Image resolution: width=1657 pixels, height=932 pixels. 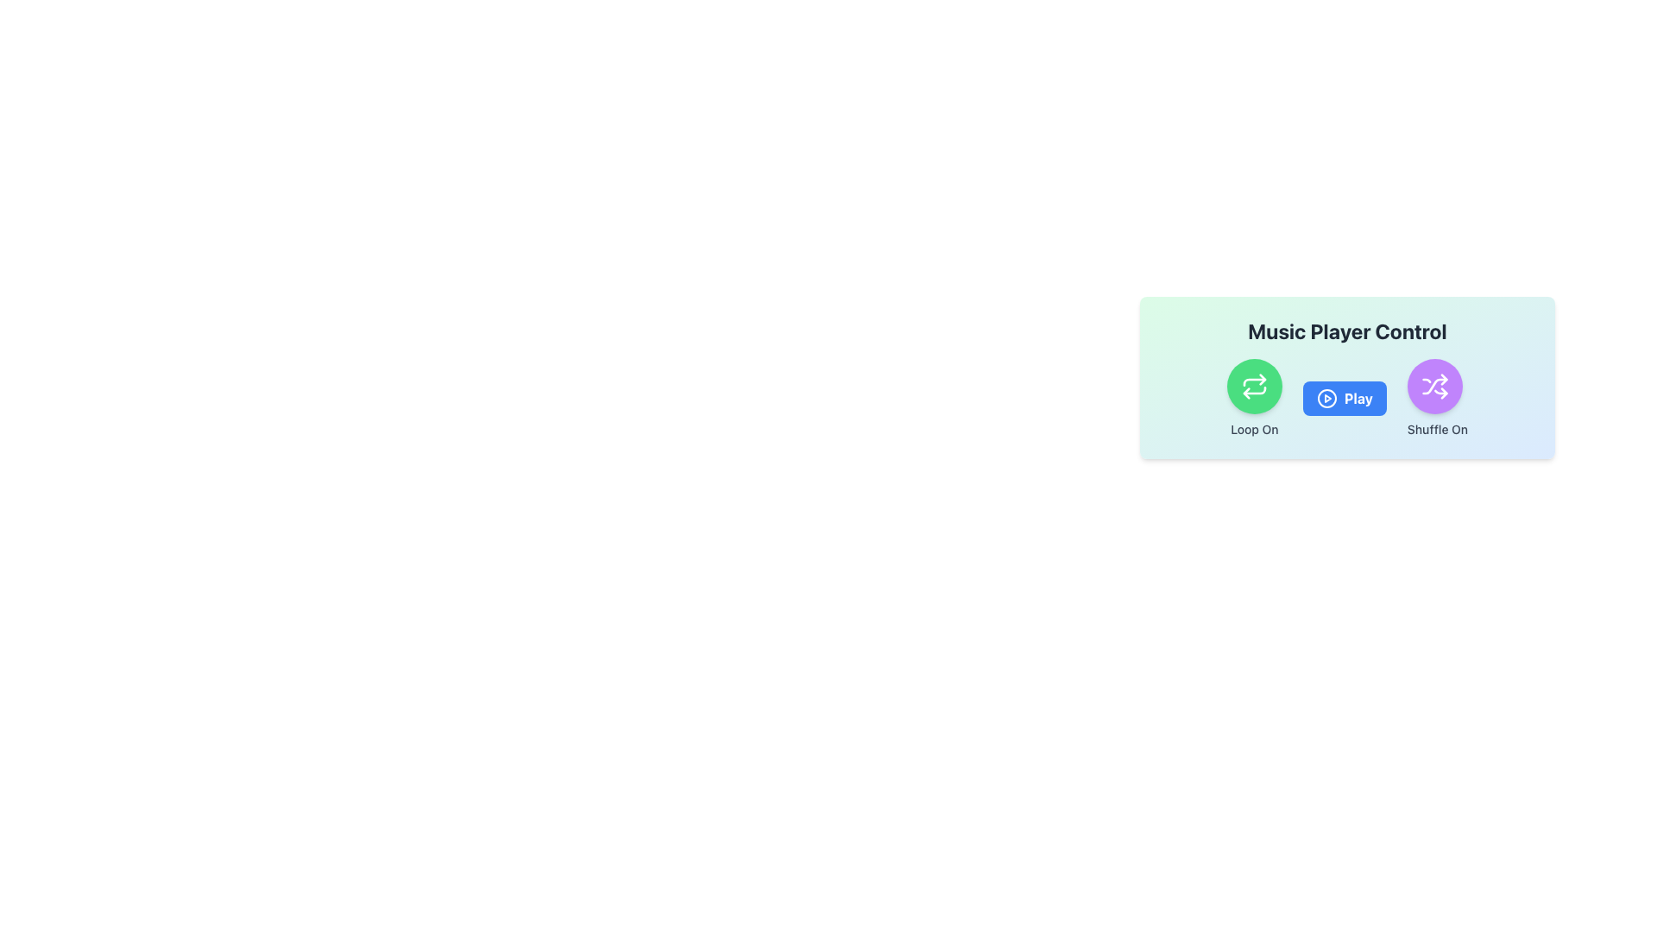 What do you see at coordinates (1254, 381) in the screenshot?
I see `the second graphical icon segment of the 'Loop On' button icon in the Music Player Control panel` at bounding box center [1254, 381].